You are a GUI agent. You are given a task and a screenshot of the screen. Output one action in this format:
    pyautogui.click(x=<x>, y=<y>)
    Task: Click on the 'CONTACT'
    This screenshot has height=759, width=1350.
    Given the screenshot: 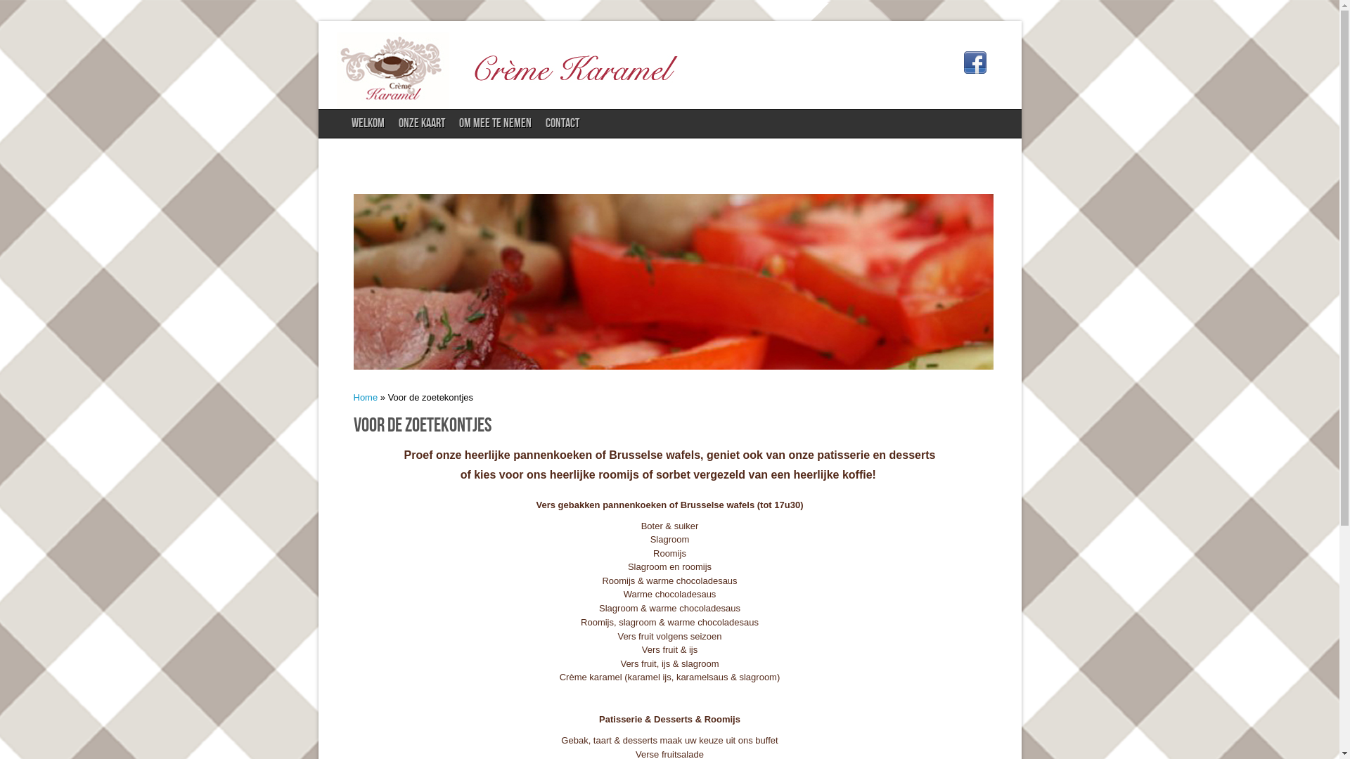 What is the action you would take?
    pyautogui.click(x=562, y=123)
    